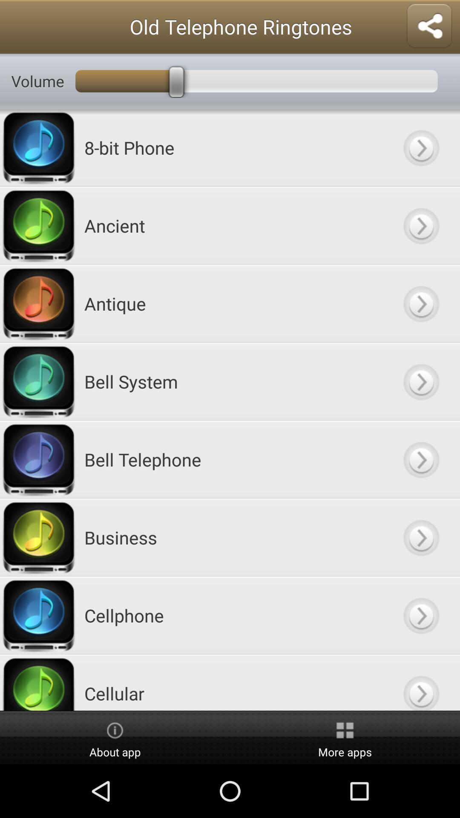 The width and height of the screenshot is (460, 818). I want to click on music, so click(420, 303).